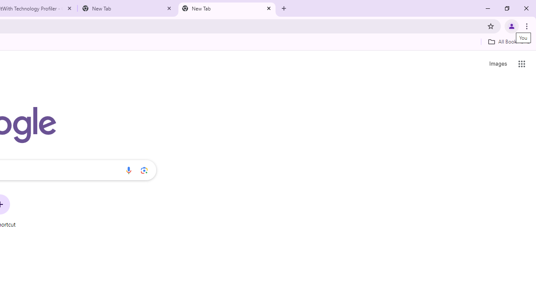 The image size is (536, 301). I want to click on 'Search by image', so click(144, 170).